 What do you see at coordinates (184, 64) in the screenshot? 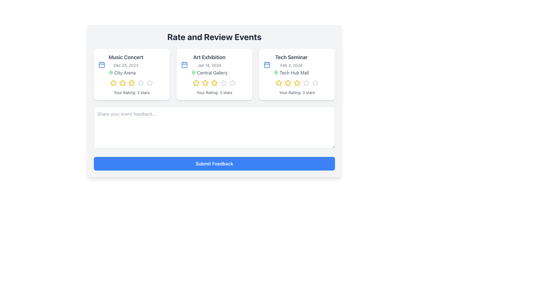
I see `the icon representing the date at the top-left corner of the 'Art Exhibition' card, which is adjacent to the date text 'Jan 14, 2024' and the bold text 'Art Exhibition.'` at bounding box center [184, 64].